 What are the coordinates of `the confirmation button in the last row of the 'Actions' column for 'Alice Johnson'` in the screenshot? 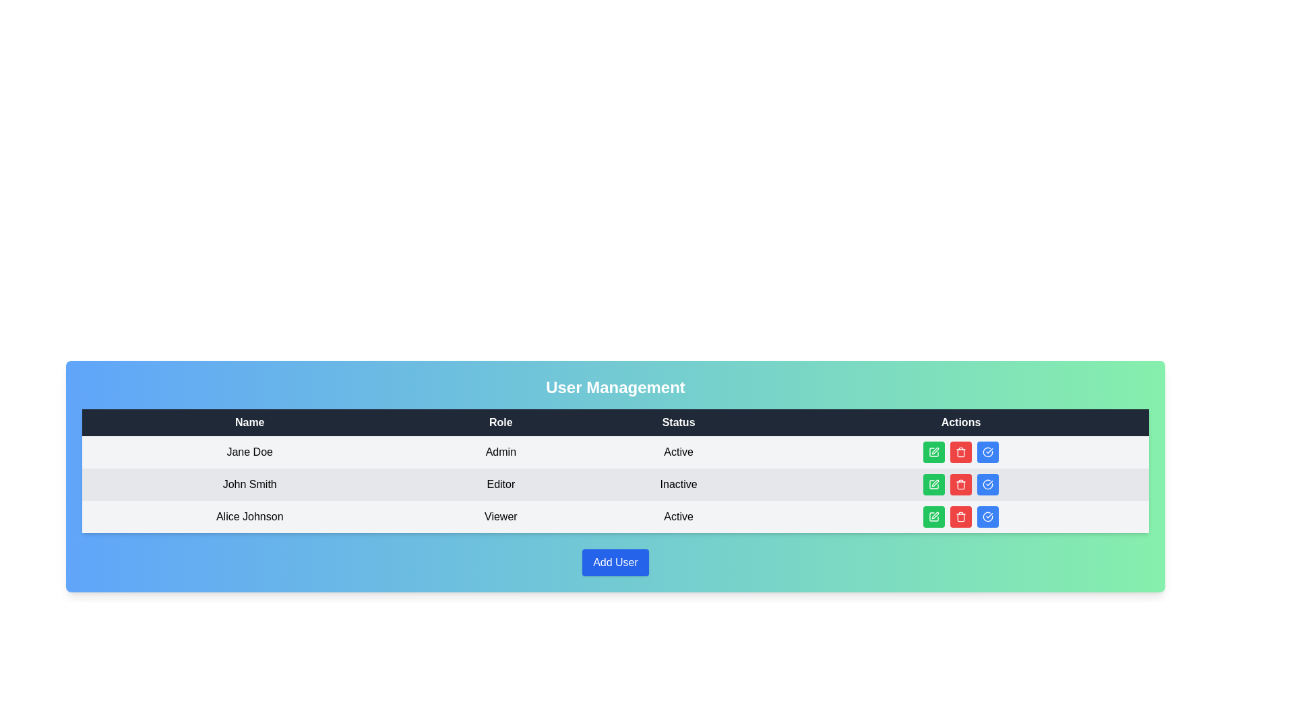 It's located at (987, 516).